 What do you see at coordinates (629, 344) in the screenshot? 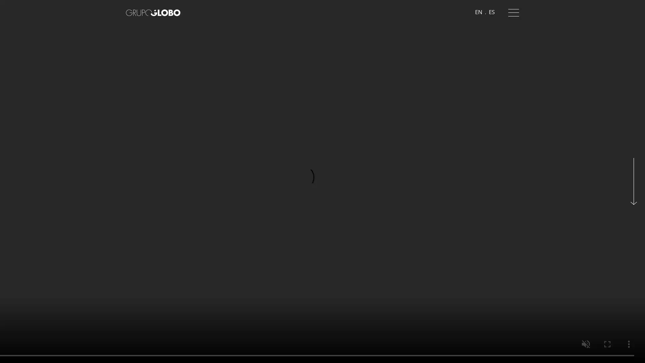
I see `show more media controls` at bounding box center [629, 344].